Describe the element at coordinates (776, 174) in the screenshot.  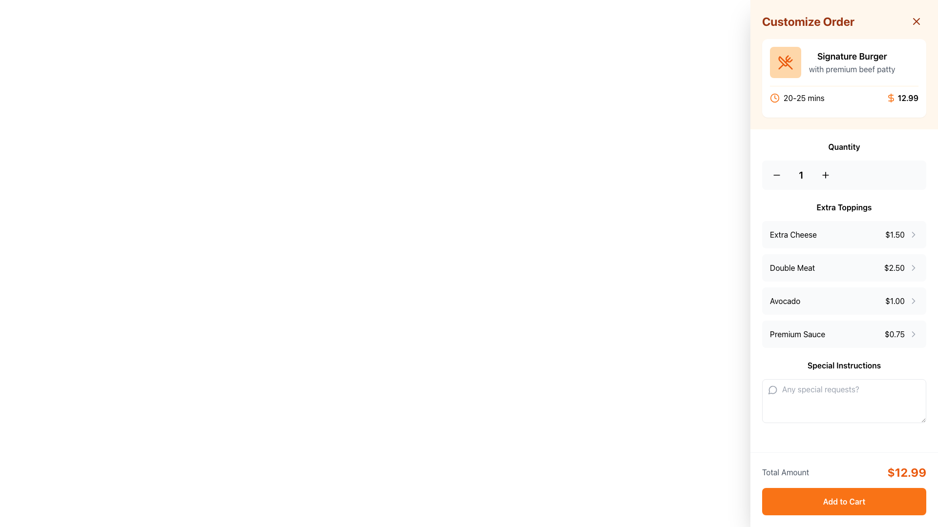
I see `the decrement button located in the 'Quantity' section to reduce the displayed quantity` at that location.